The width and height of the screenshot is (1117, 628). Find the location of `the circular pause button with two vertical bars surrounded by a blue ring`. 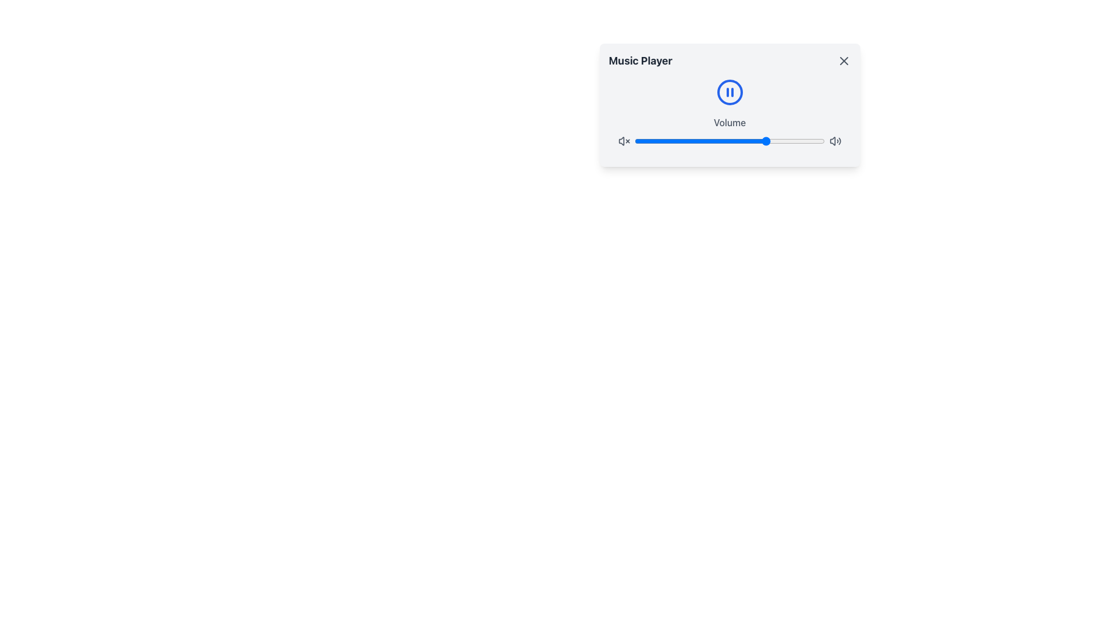

the circular pause button with two vertical bars surrounded by a blue ring is located at coordinates (729, 91).